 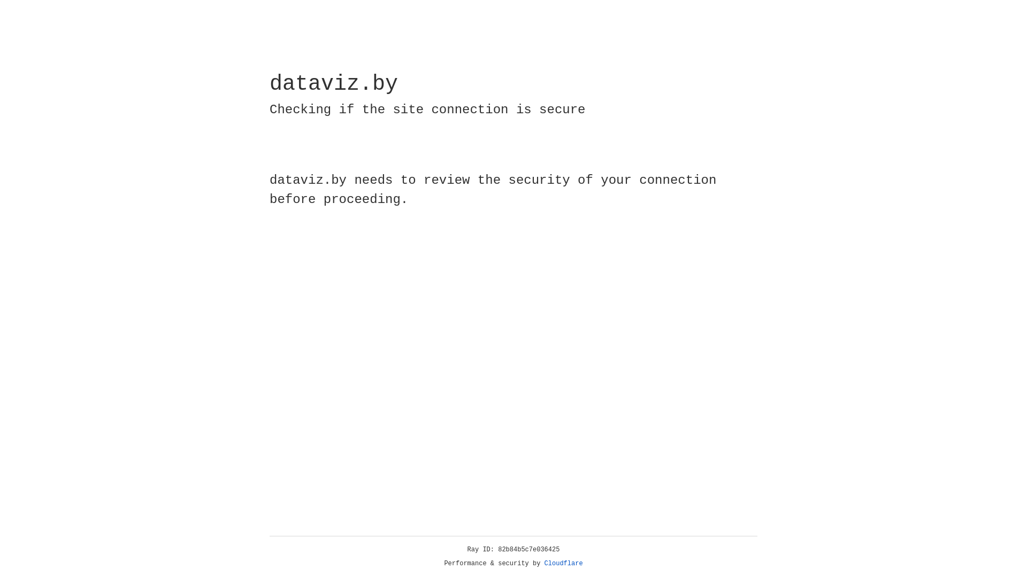 I want to click on 'Cloudflare', so click(x=563, y=563).